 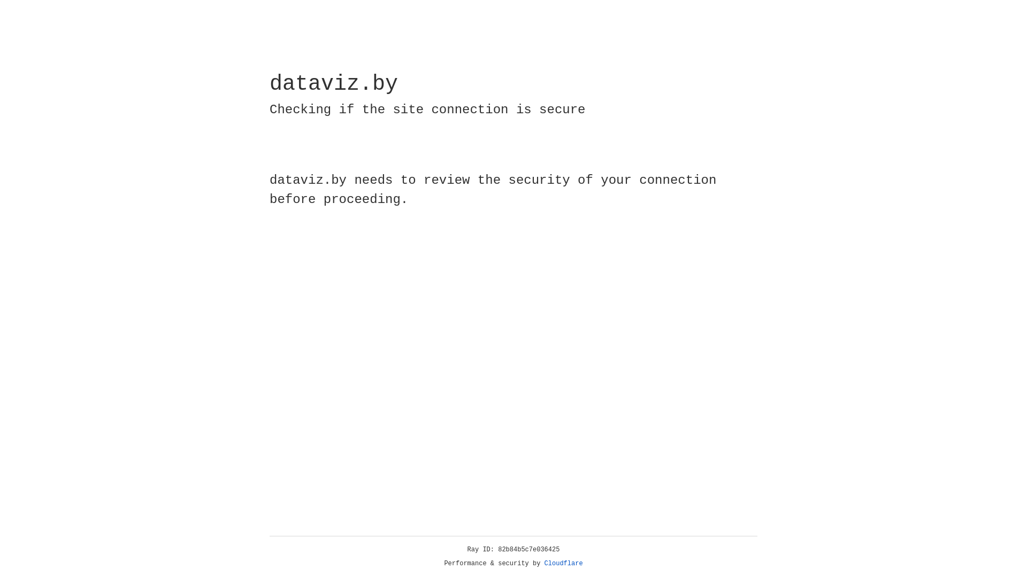 I want to click on 'Cloudflare', so click(x=563, y=563).